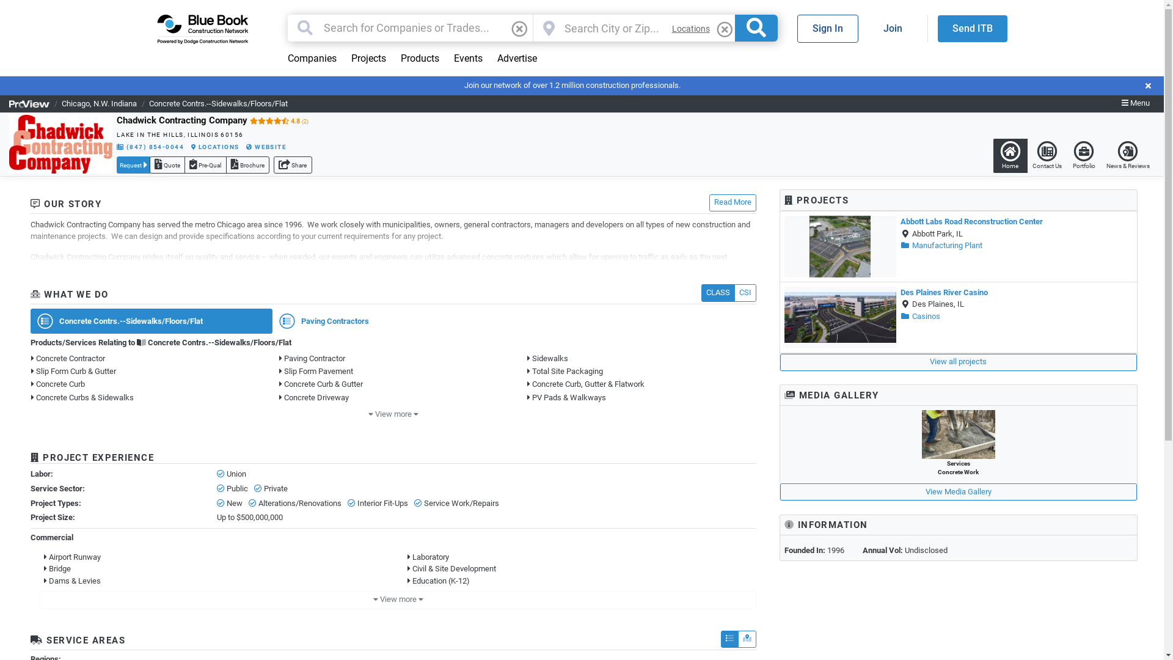 This screenshot has width=1173, height=660. Describe the element at coordinates (733, 202) in the screenshot. I see `'Read More'` at that location.